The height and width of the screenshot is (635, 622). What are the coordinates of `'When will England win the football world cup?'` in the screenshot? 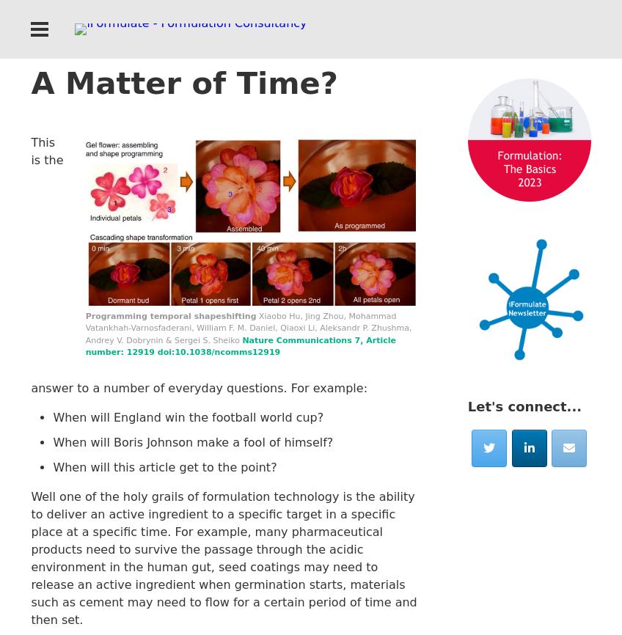 It's located at (187, 416).